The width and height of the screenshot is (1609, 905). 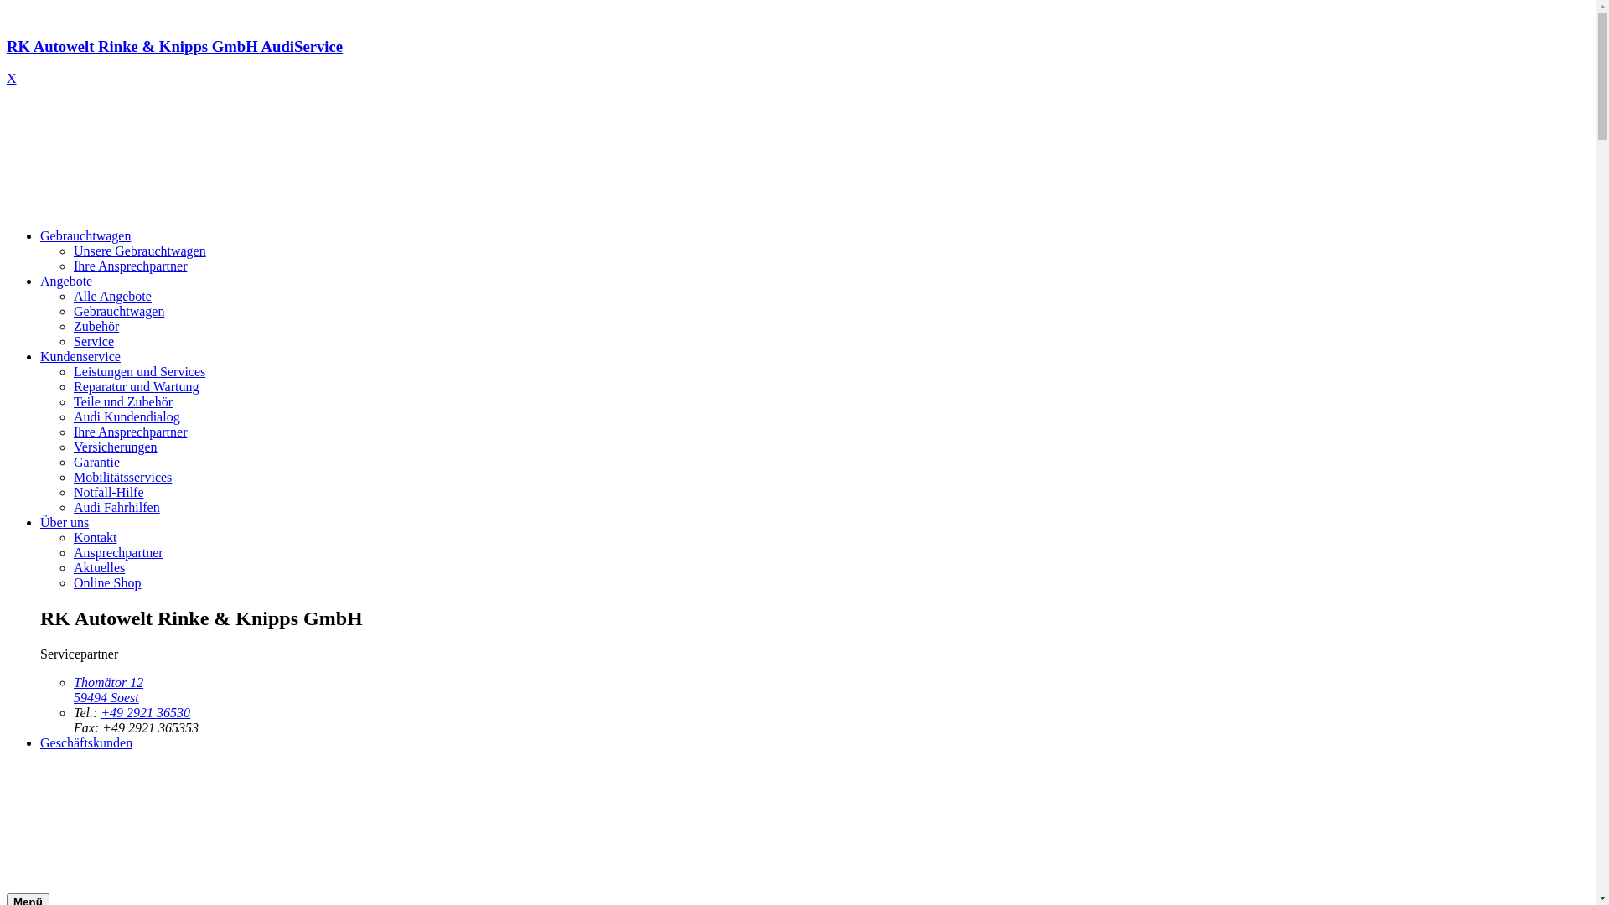 What do you see at coordinates (115, 446) in the screenshot?
I see `'Versicherungen'` at bounding box center [115, 446].